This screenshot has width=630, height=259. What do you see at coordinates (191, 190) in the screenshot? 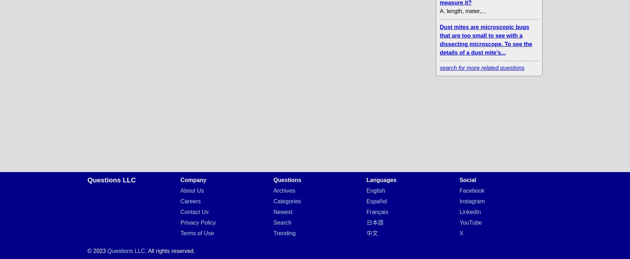
I see `'About Us'` at bounding box center [191, 190].